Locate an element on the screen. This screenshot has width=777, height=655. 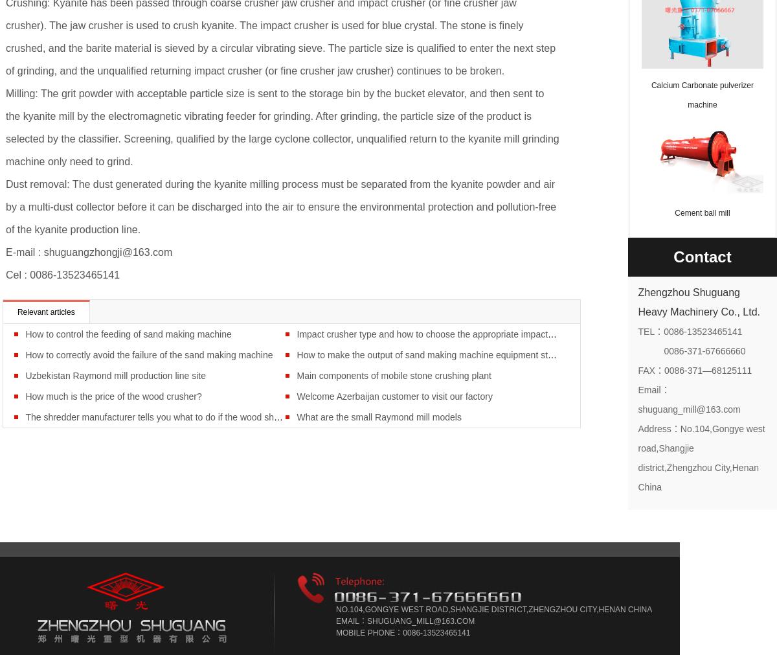
'0086-371-67666660' is located at coordinates (664, 350).